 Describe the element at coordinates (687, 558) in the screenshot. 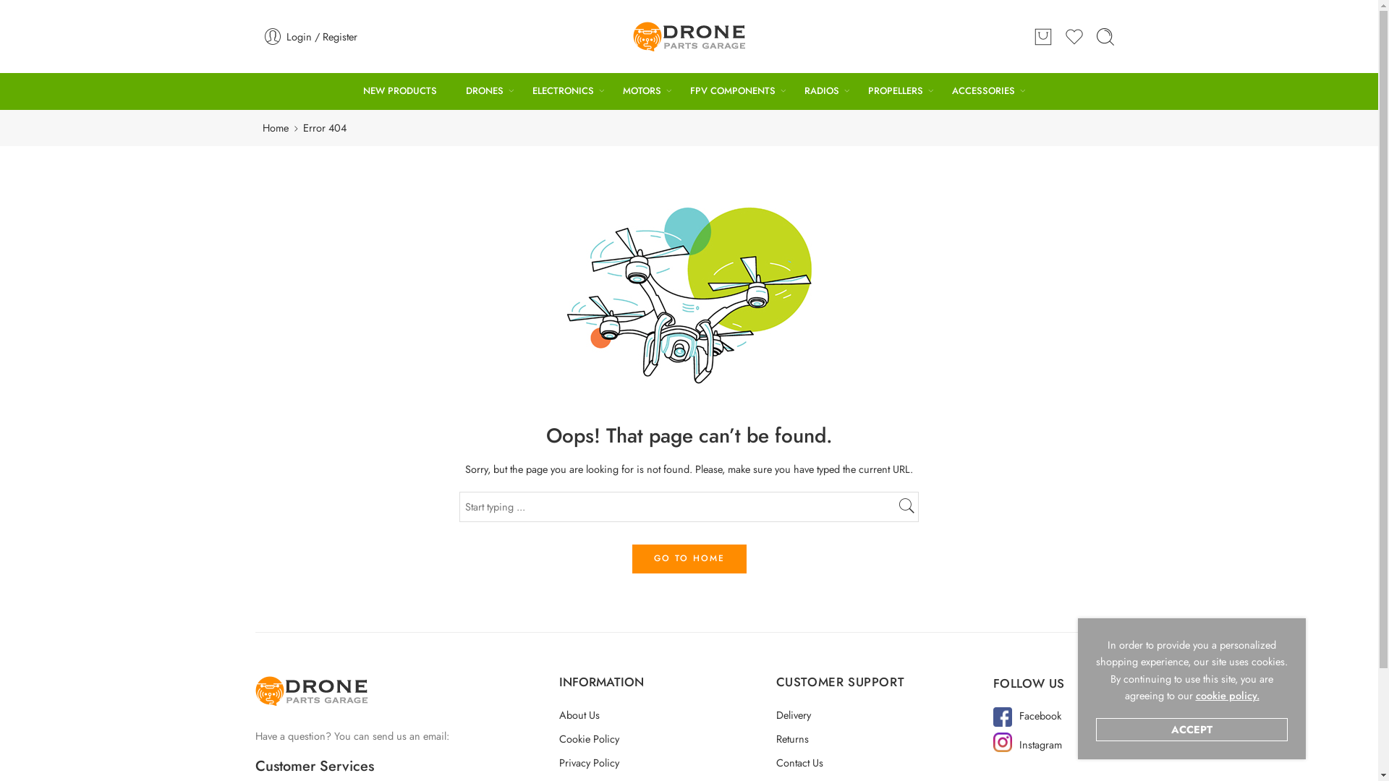

I see `'GO TO HOME'` at that location.